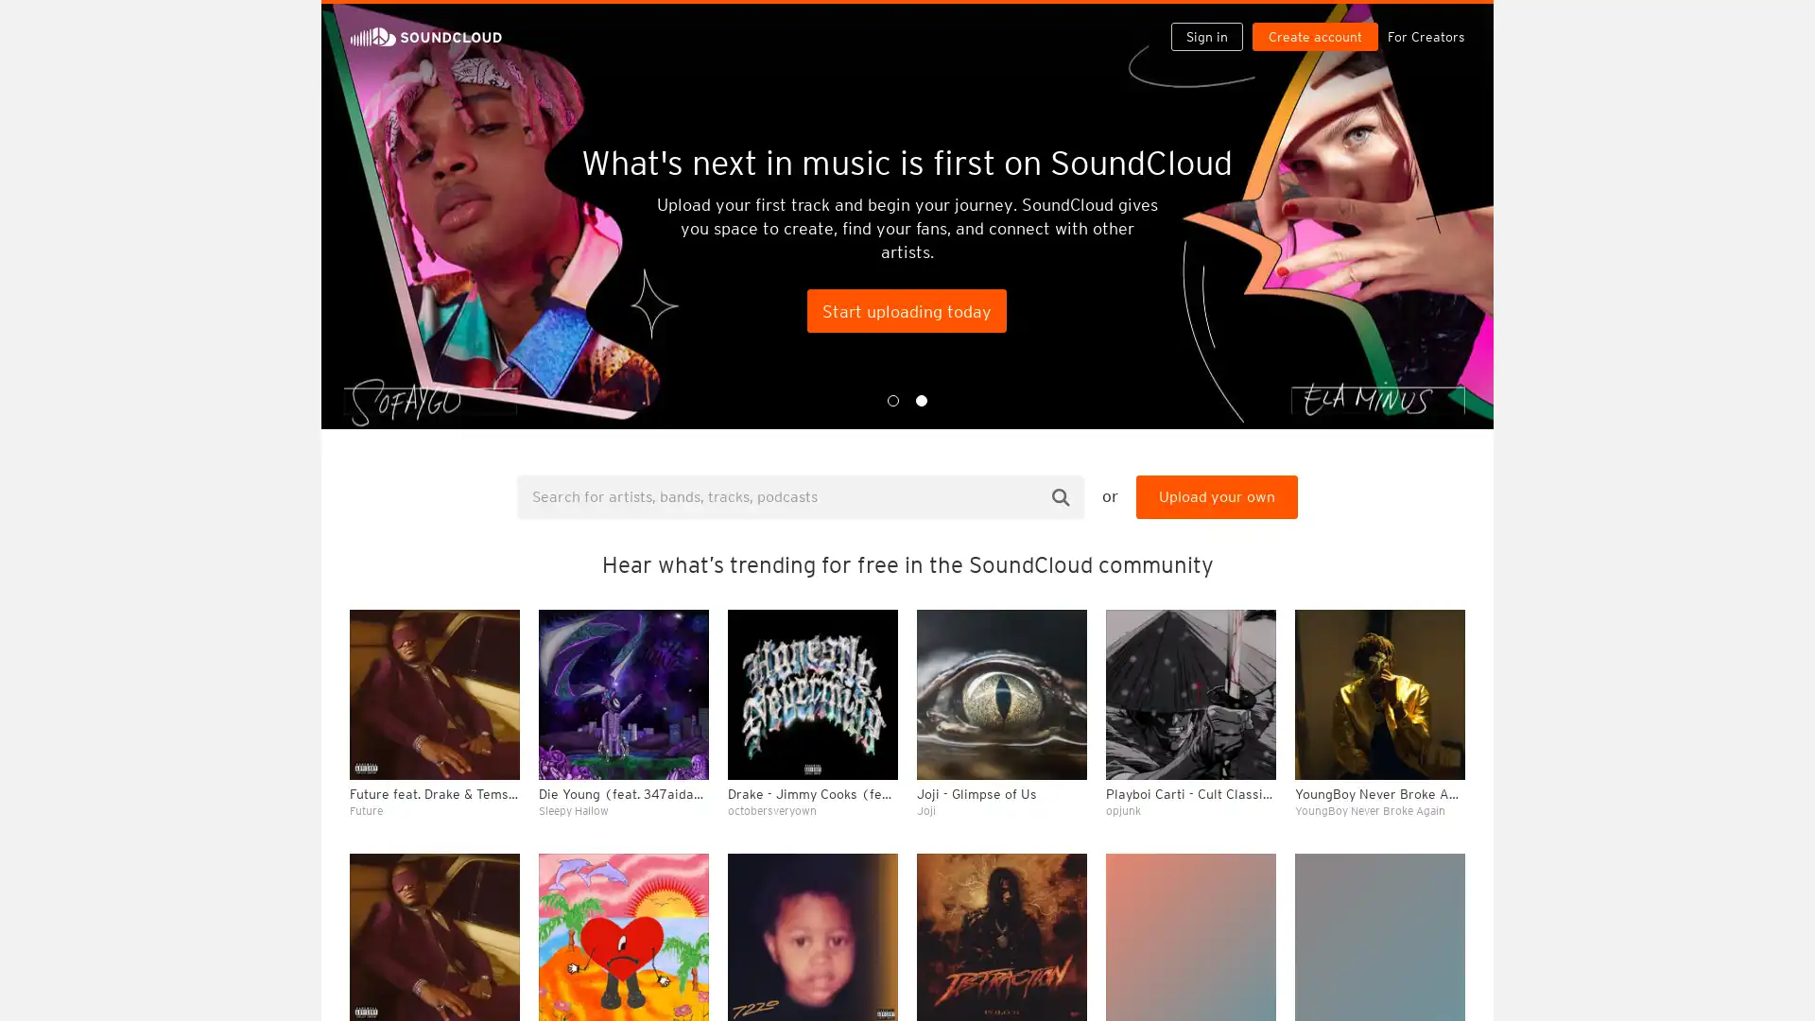 The height and width of the screenshot is (1021, 1815). Describe the element at coordinates (1319, 21) in the screenshot. I see `Create a SoundCloud account` at that location.